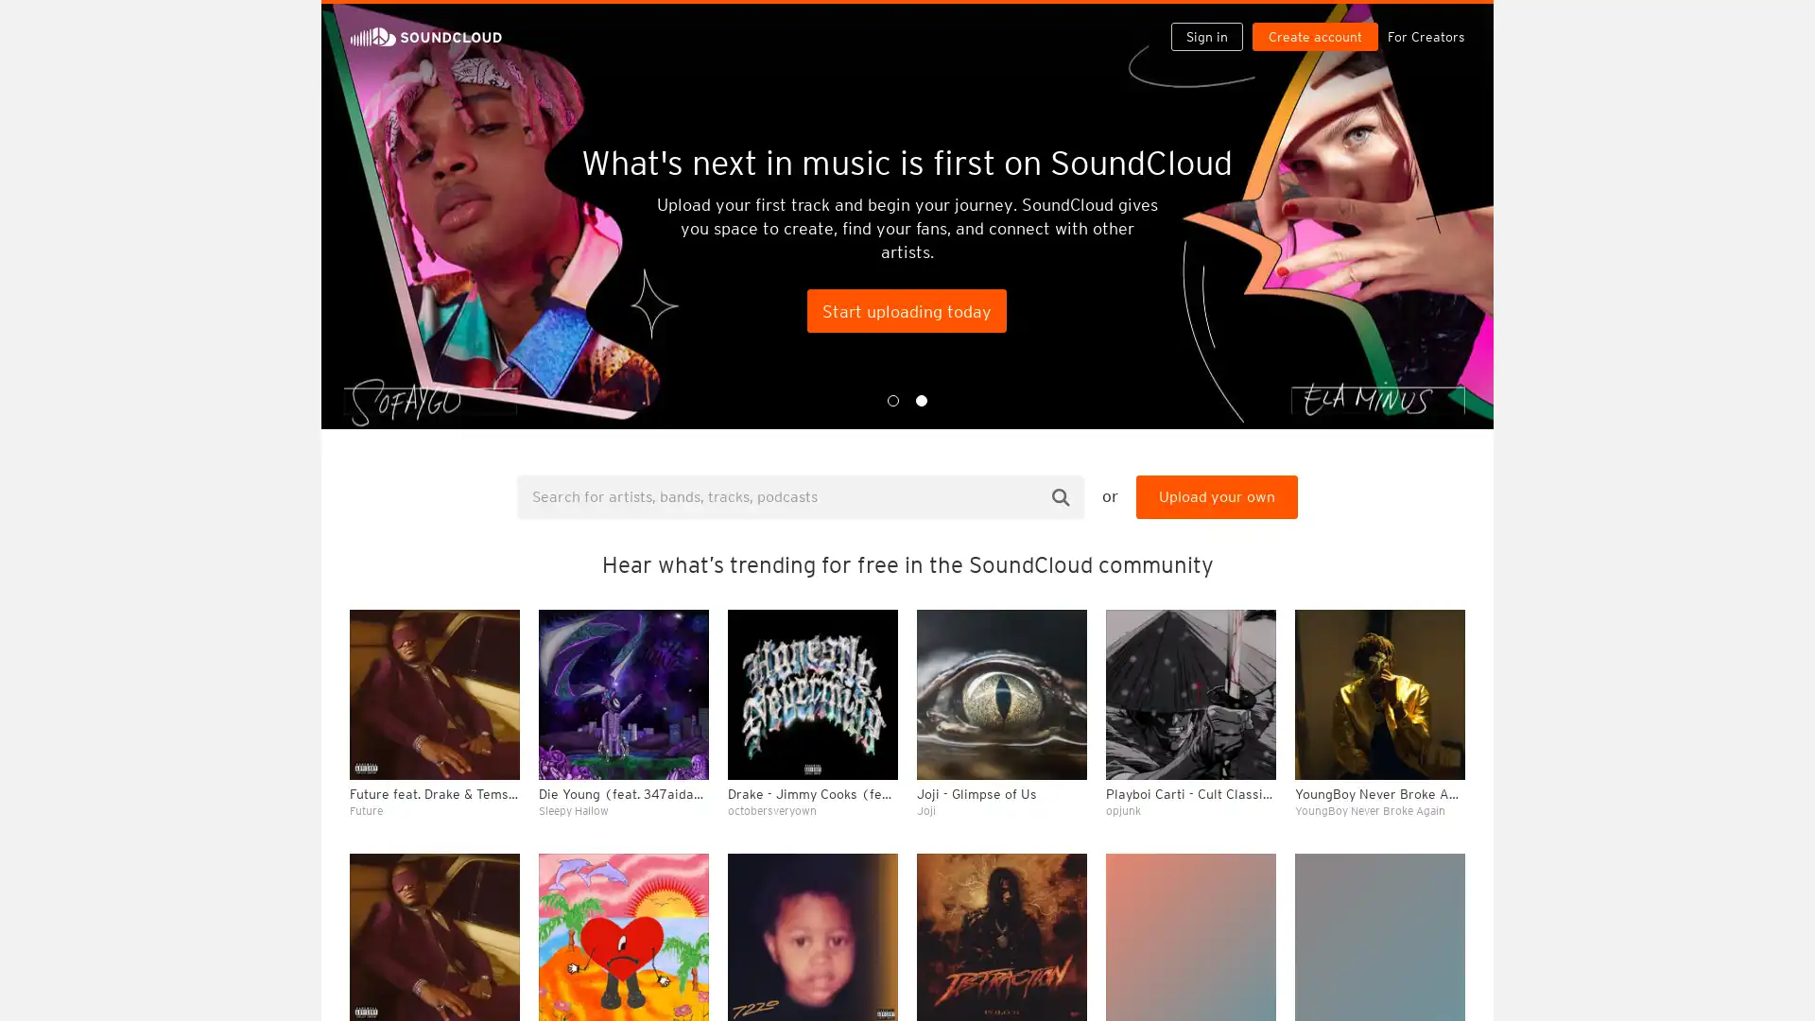 The height and width of the screenshot is (1021, 1815). Describe the element at coordinates (1319, 21) in the screenshot. I see `Create a SoundCloud account` at that location.